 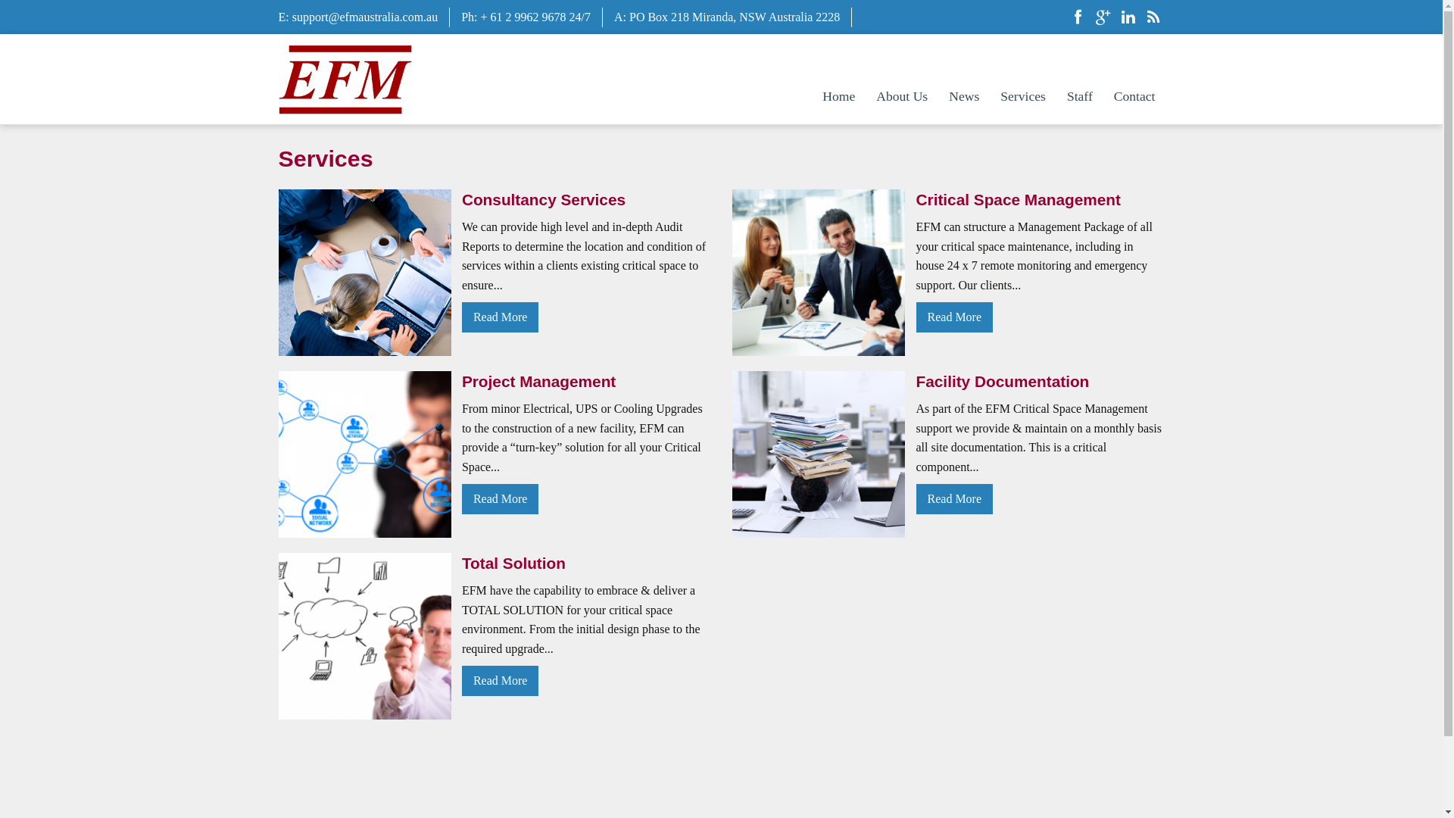 I want to click on 'Back to EFM homepage ', so click(x=345, y=77).